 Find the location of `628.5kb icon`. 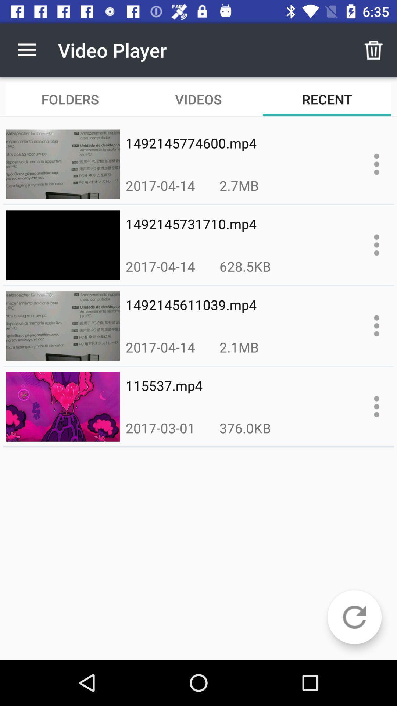

628.5kb icon is located at coordinates (245, 266).